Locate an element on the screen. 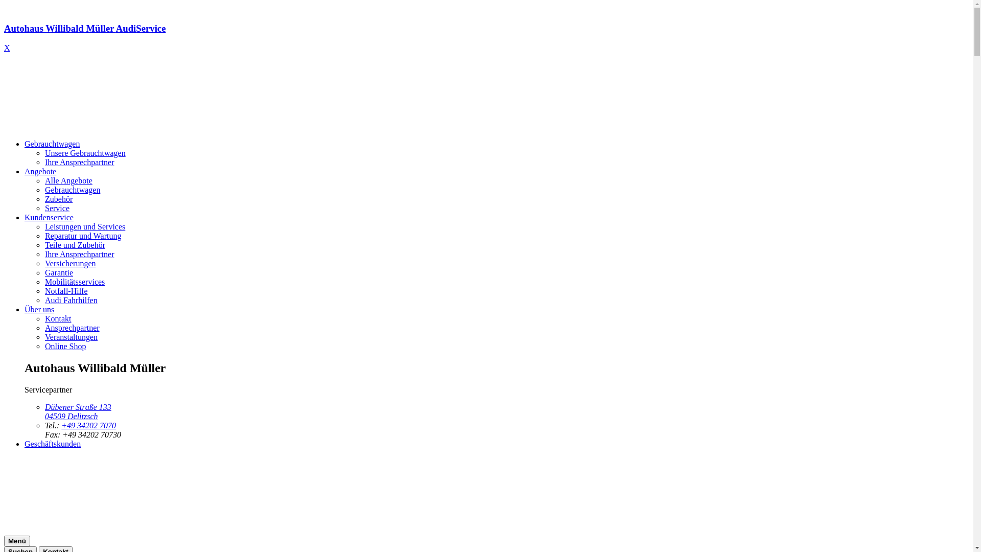 The image size is (981, 552). 'Gebrauchtwagen' is located at coordinates (72, 190).